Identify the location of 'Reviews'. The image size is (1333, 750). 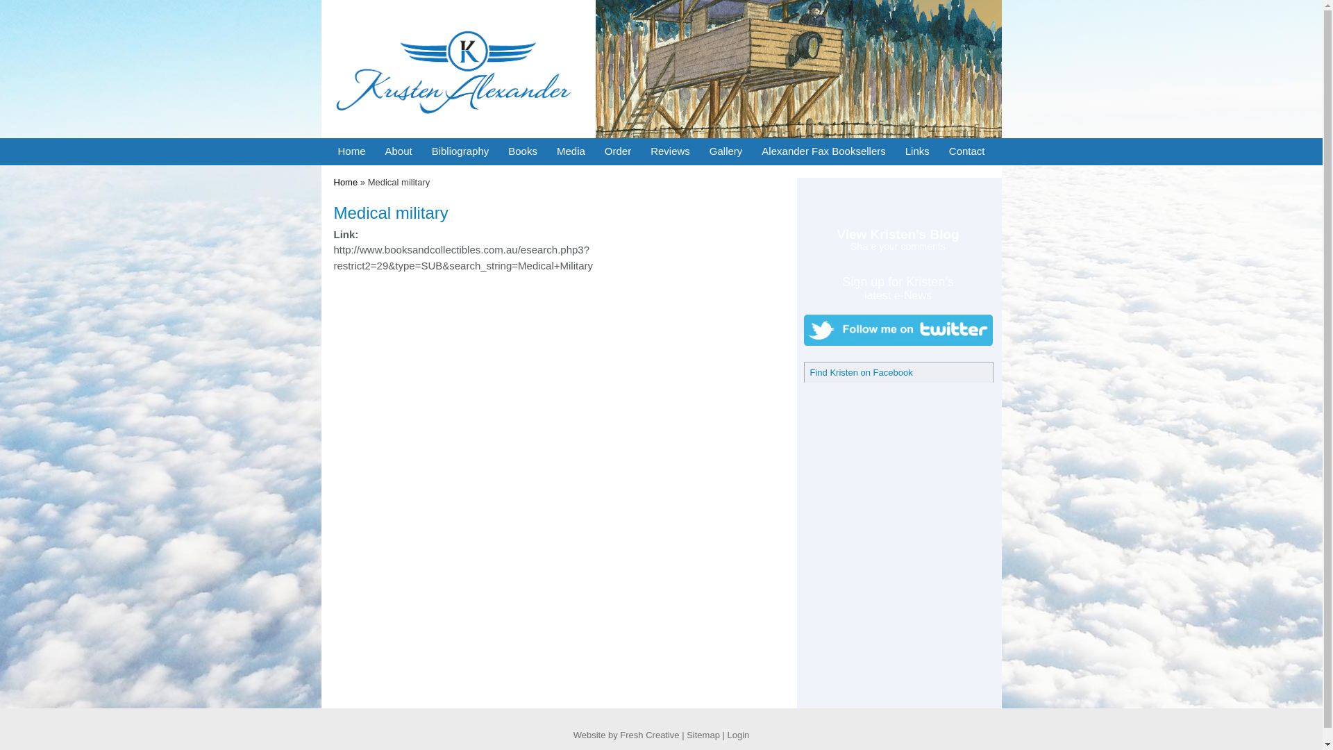
(670, 151).